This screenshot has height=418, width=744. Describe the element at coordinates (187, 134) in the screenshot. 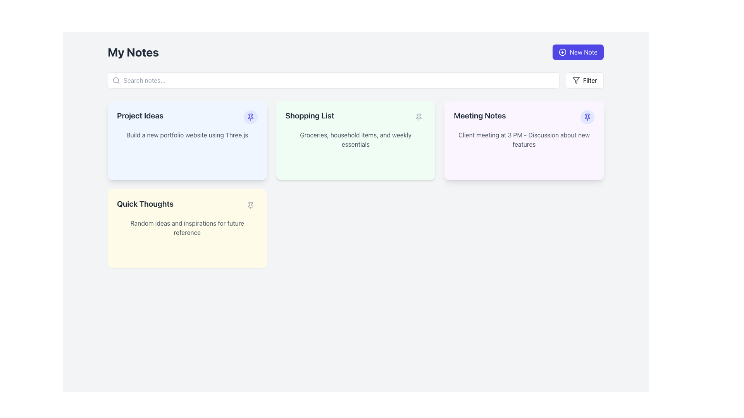

I see `the static text block that displays a description or task related to building a portfolio website using Three.js, located within the 'Project Ideas' note card, near its center, below the title` at that location.